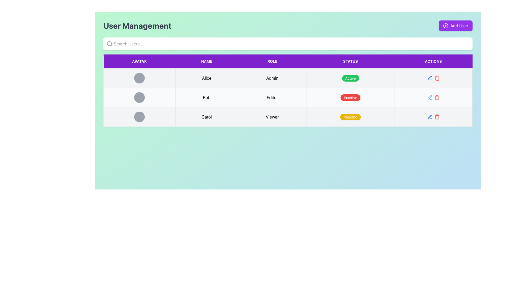 This screenshot has width=510, height=287. I want to click on the Status Indicator element that shows 'Active' for the user 'Alice' in the Status column of the topmost row, so click(350, 78).